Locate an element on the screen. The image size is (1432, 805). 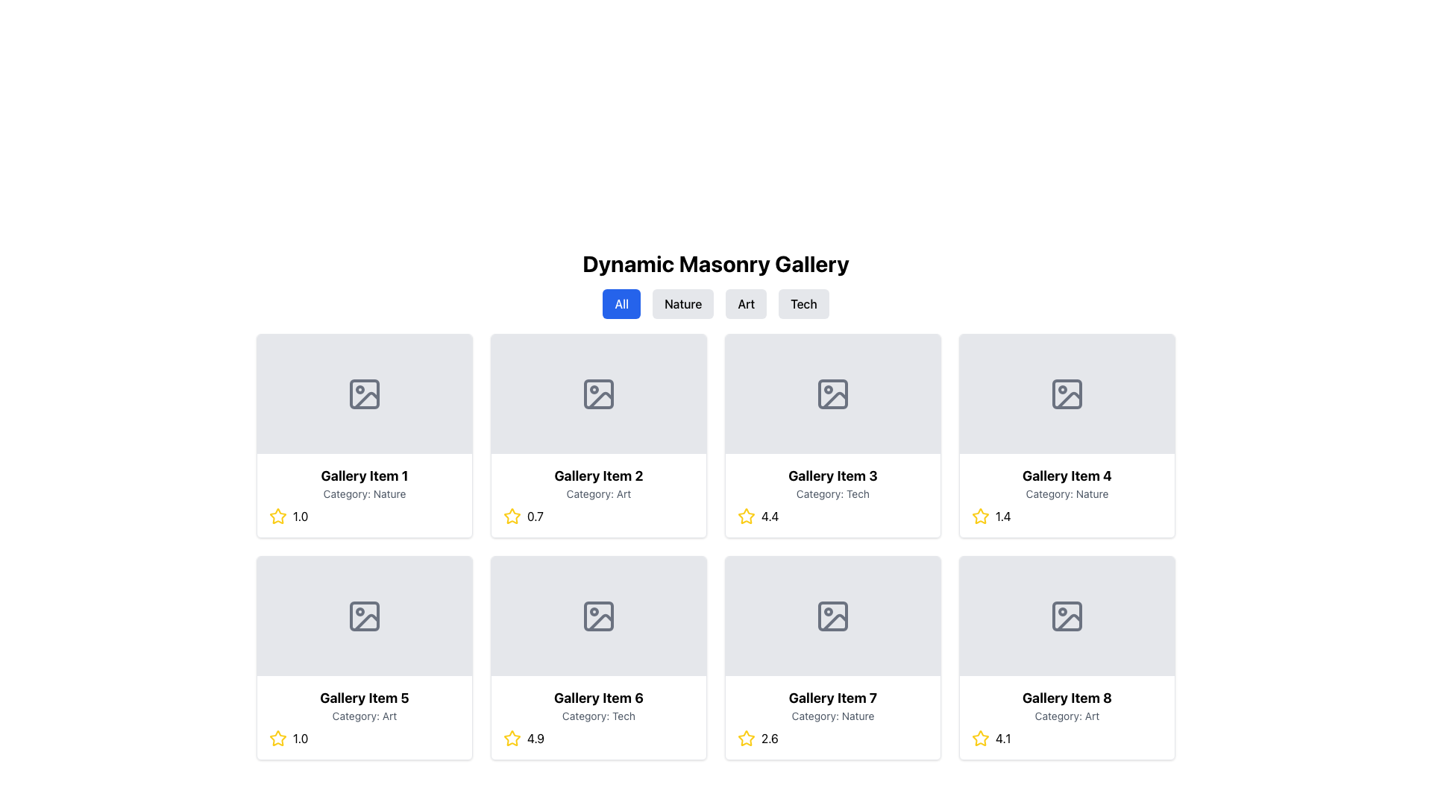
the placeholder icon for the image in the 8th tile of the gallery grid, labeled 'Gallery Item 8' is located at coordinates (1066, 616).